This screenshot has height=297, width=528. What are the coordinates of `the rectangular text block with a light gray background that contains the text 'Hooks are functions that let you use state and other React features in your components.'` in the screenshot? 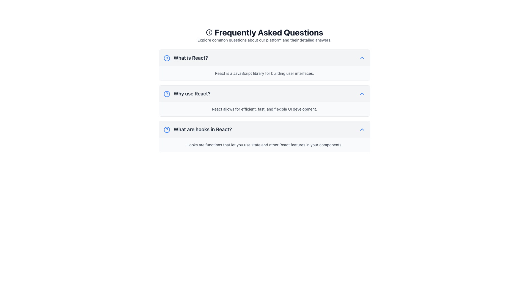 It's located at (264, 145).